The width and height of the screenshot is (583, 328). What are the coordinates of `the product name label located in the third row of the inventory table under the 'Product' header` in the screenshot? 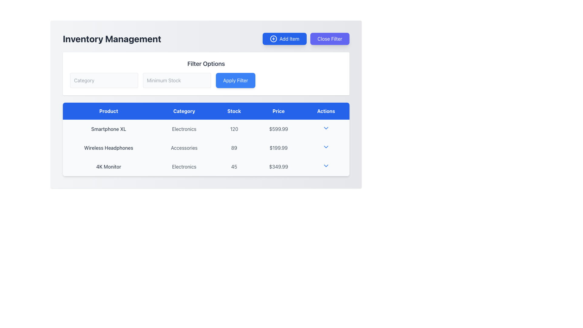 It's located at (109, 166).